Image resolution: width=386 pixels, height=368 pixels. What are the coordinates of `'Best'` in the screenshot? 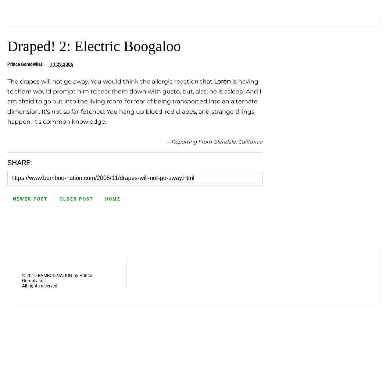 It's located at (295, 91).